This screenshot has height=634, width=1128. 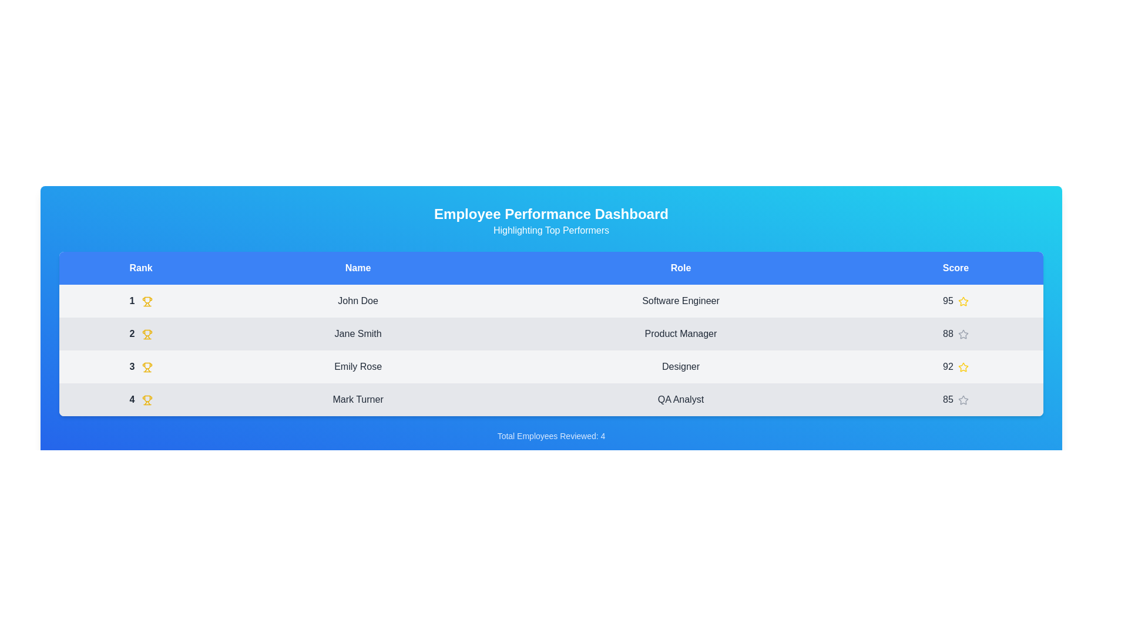 I want to click on the text 'Employee Performance Dashboard' in the header, so click(x=550, y=214).